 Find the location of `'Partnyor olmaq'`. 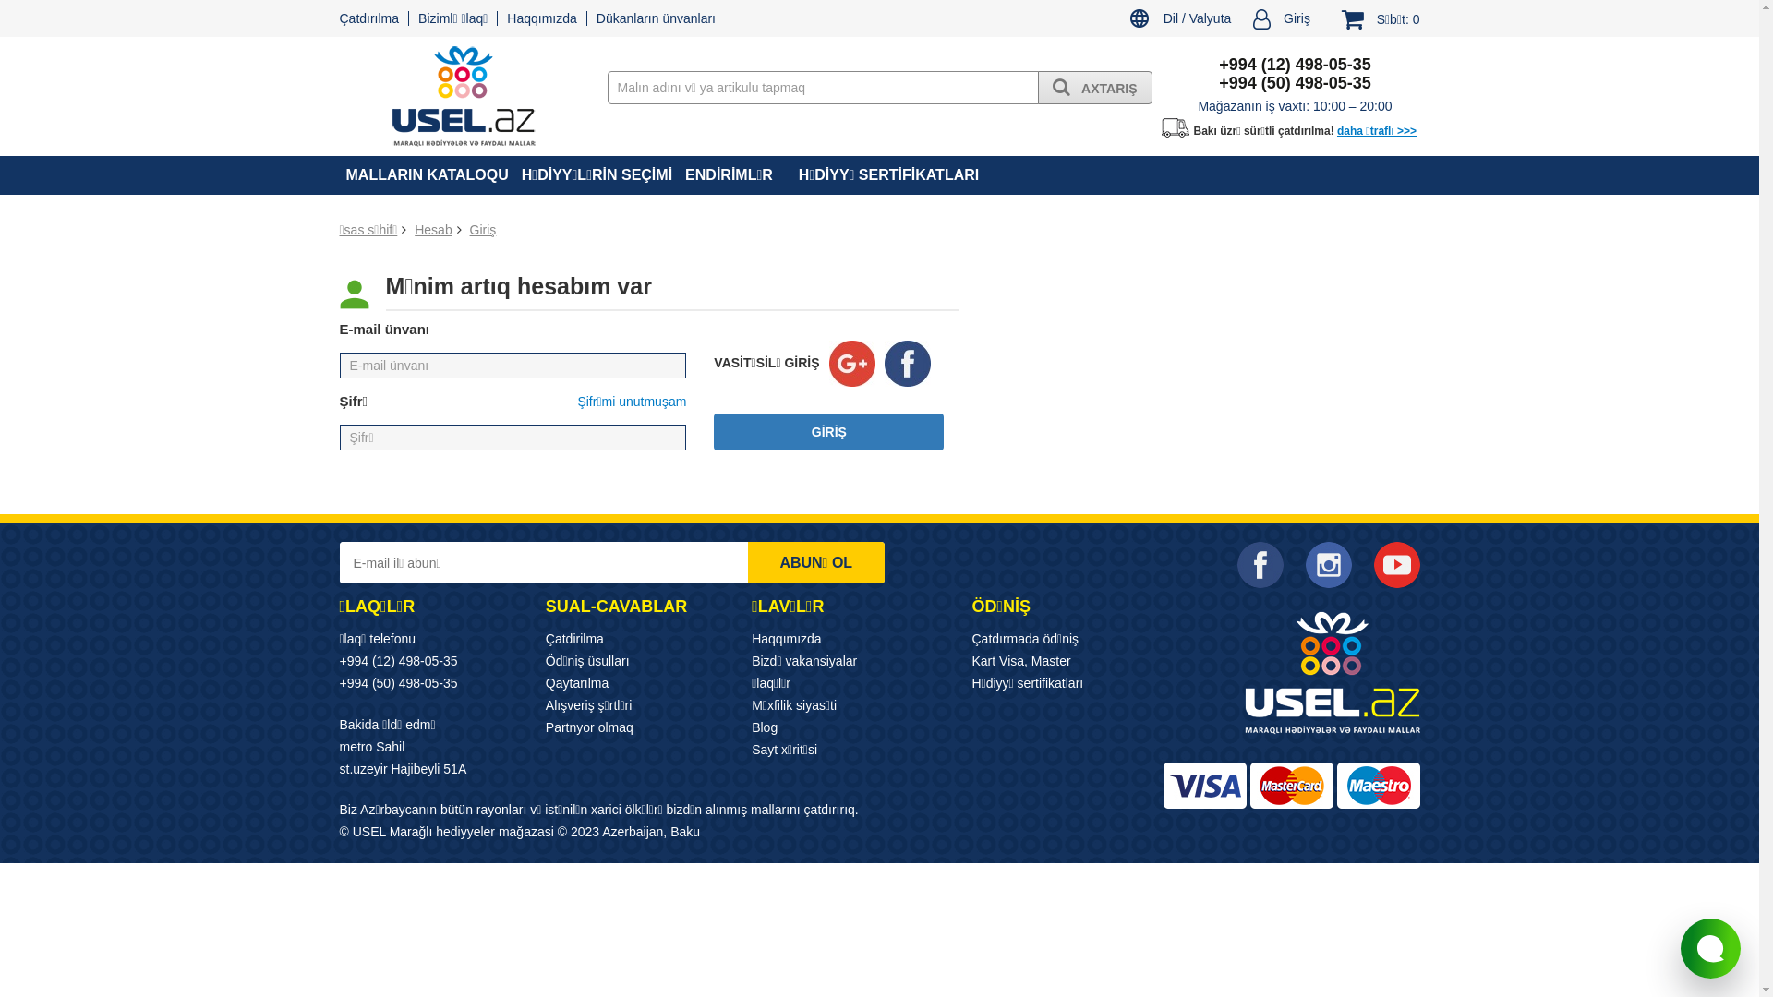

'Partnyor olmaq' is located at coordinates (588, 726).